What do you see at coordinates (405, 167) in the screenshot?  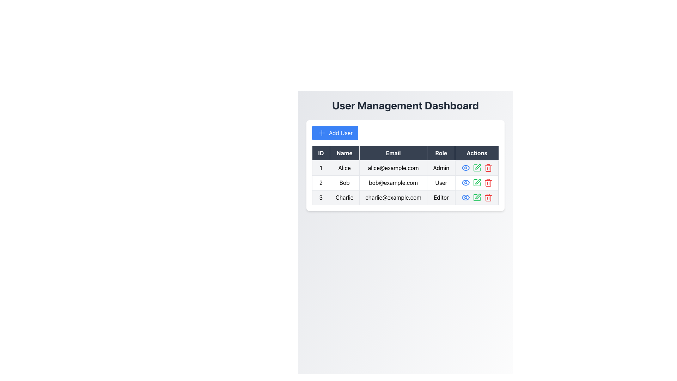 I see `the first row of the user management table that displays information about the user named Alice, including her ID, email address, and role` at bounding box center [405, 167].